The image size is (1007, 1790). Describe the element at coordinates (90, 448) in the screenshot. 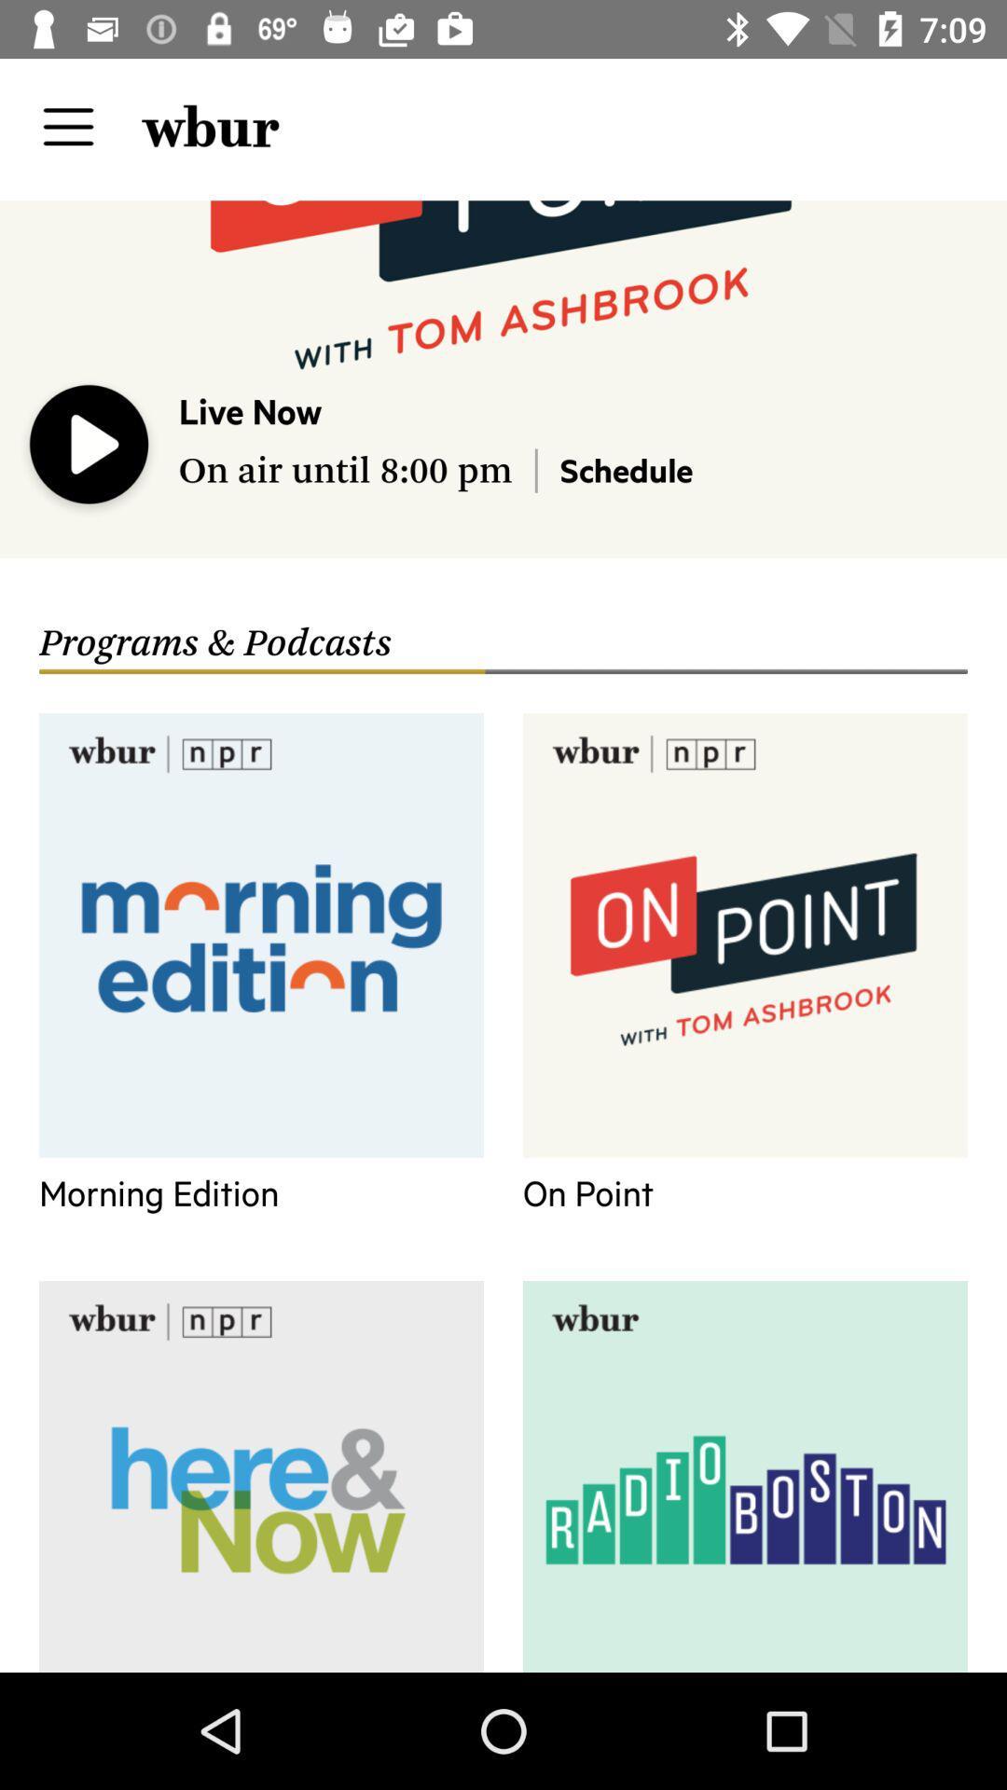

I see `the icon to the left of live now` at that location.